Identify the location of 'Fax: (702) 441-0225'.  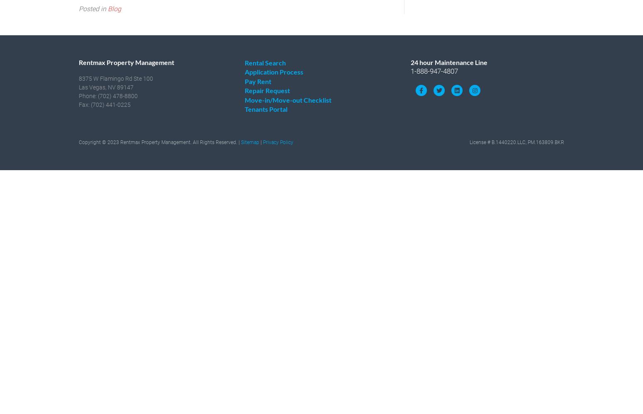
(105, 104).